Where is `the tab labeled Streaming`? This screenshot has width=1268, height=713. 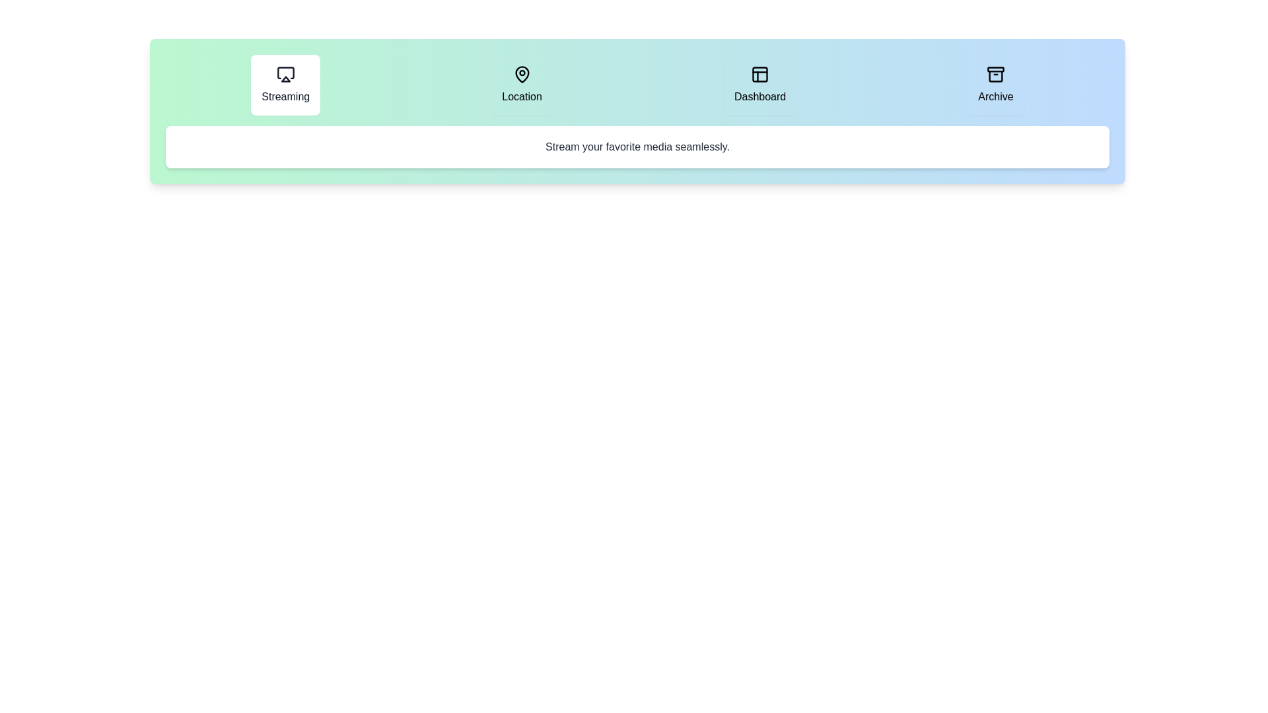
the tab labeled Streaming is located at coordinates (285, 85).